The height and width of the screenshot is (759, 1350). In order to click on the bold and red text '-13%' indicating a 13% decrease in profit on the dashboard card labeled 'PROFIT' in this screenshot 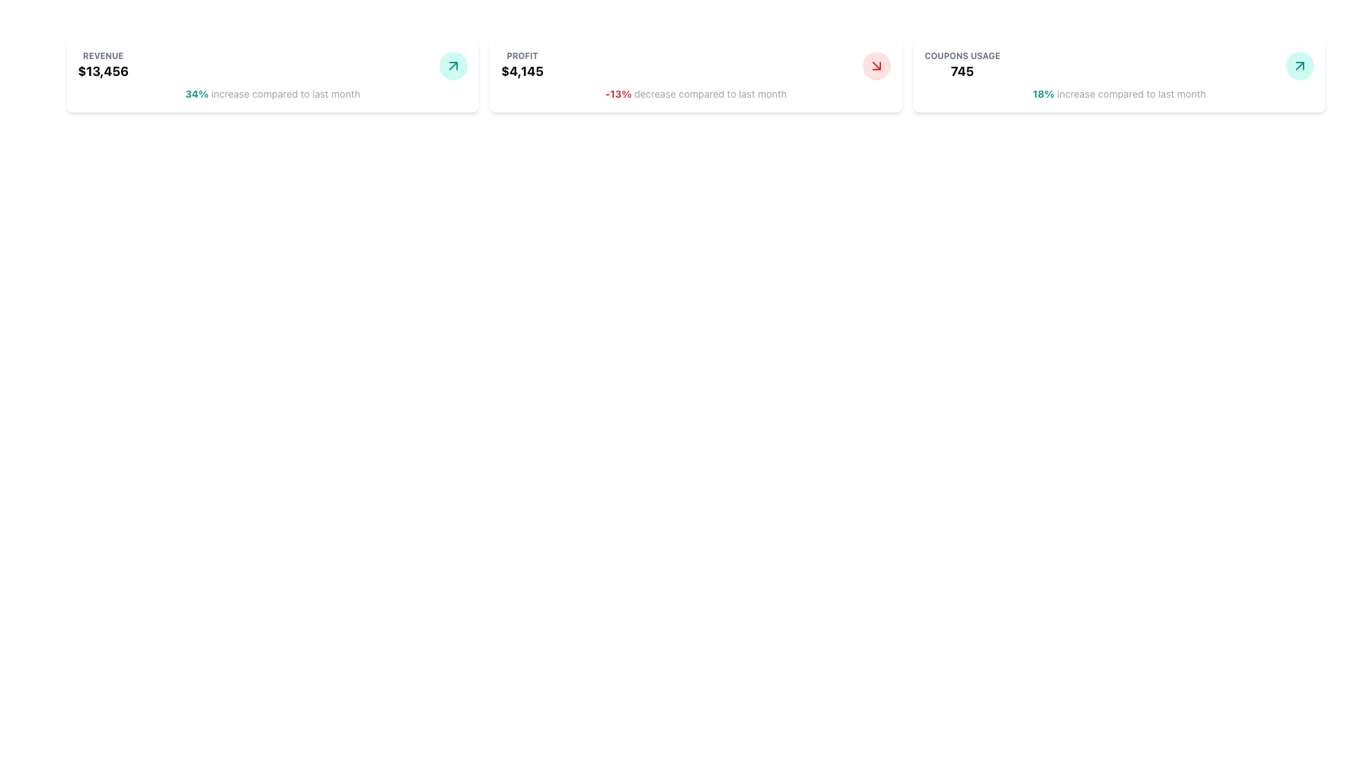, I will do `click(618, 93)`.